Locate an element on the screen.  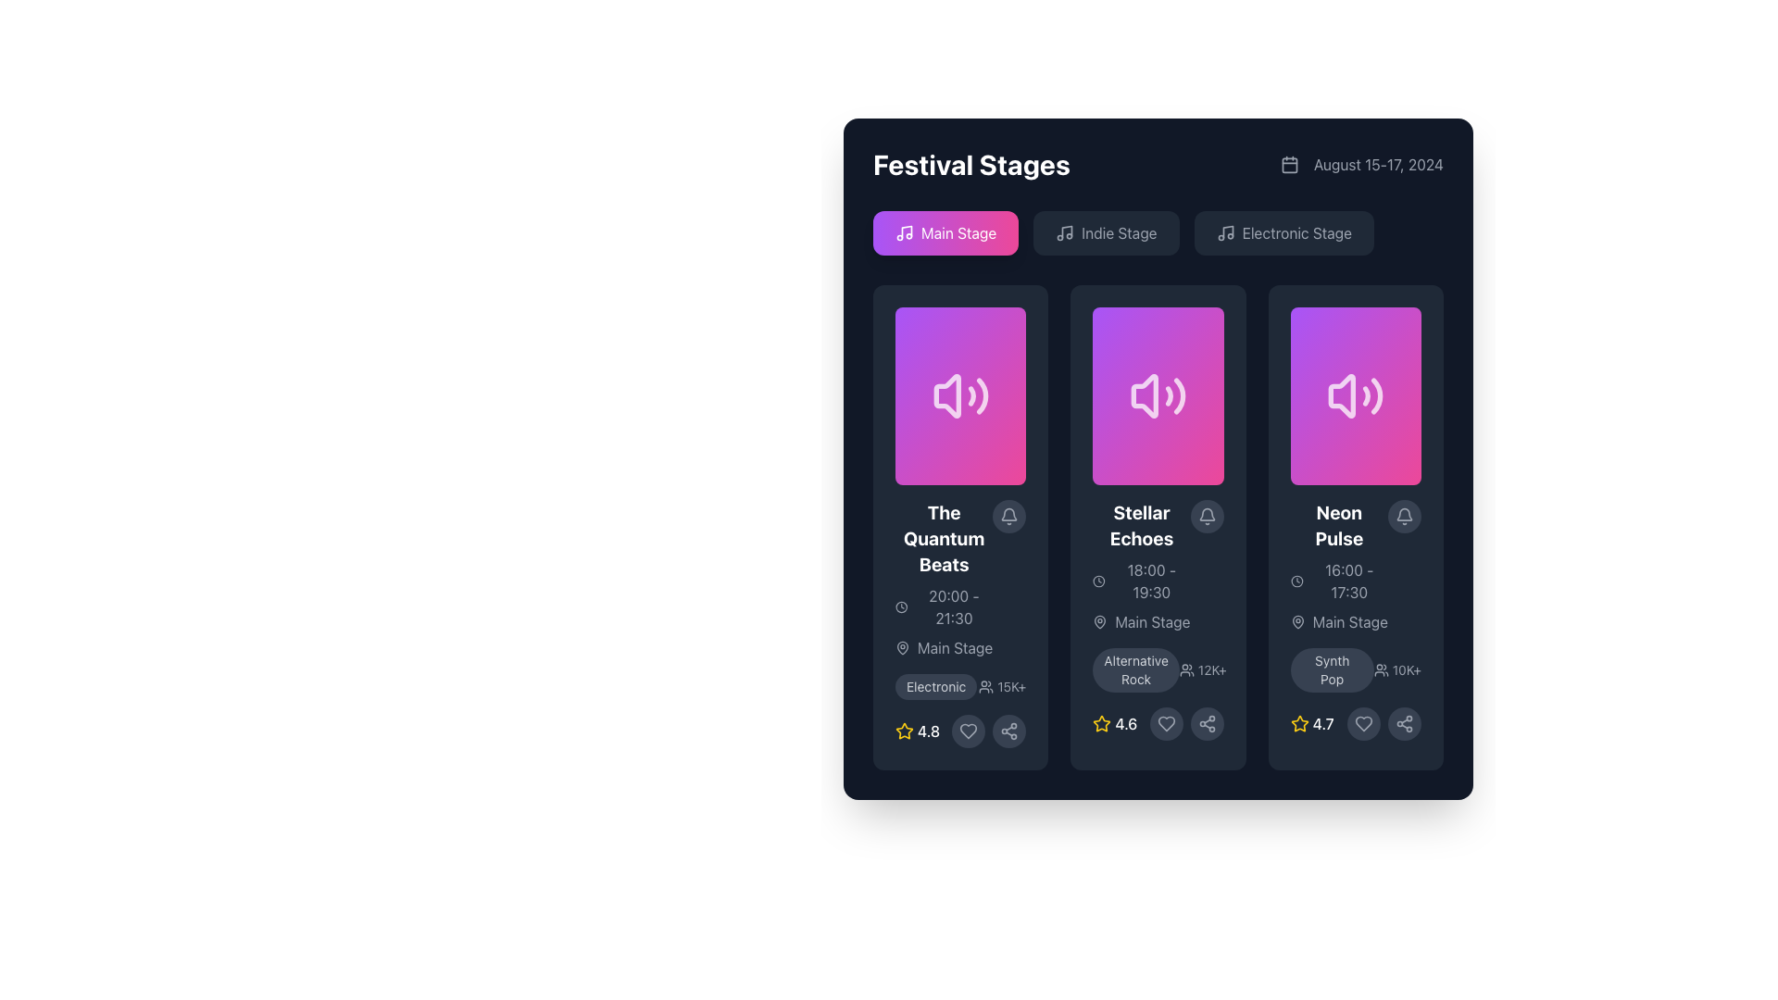
the circular button with a dark gray background and heart icon to activate its hover effect is located at coordinates (1364, 723).